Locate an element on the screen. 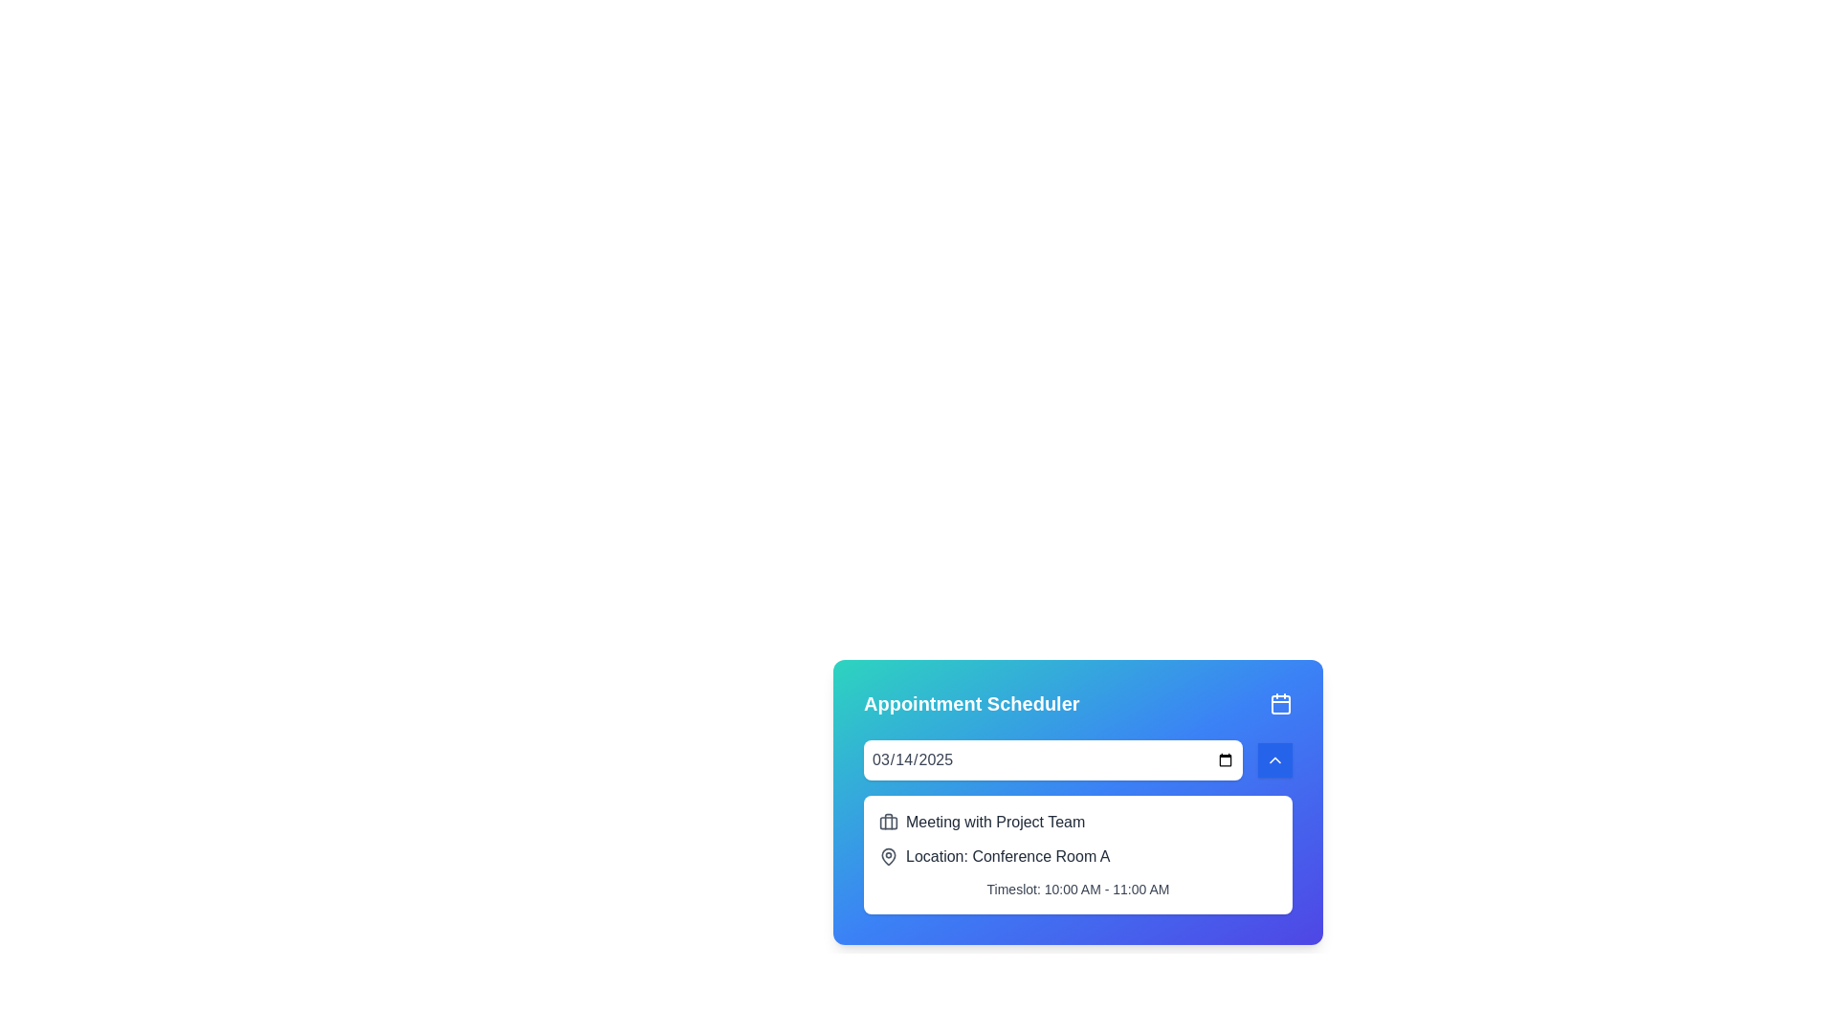  the location icon that indicates the physical or virtual location, positioned to the left of the 'Location: Conference Room A' text in the second section of the card is located at coordinates (888, 854).